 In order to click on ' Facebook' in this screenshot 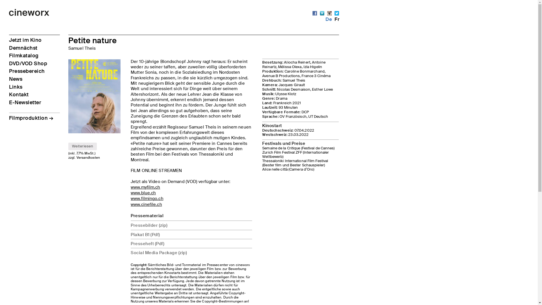, I will do `click(314, 13)`.